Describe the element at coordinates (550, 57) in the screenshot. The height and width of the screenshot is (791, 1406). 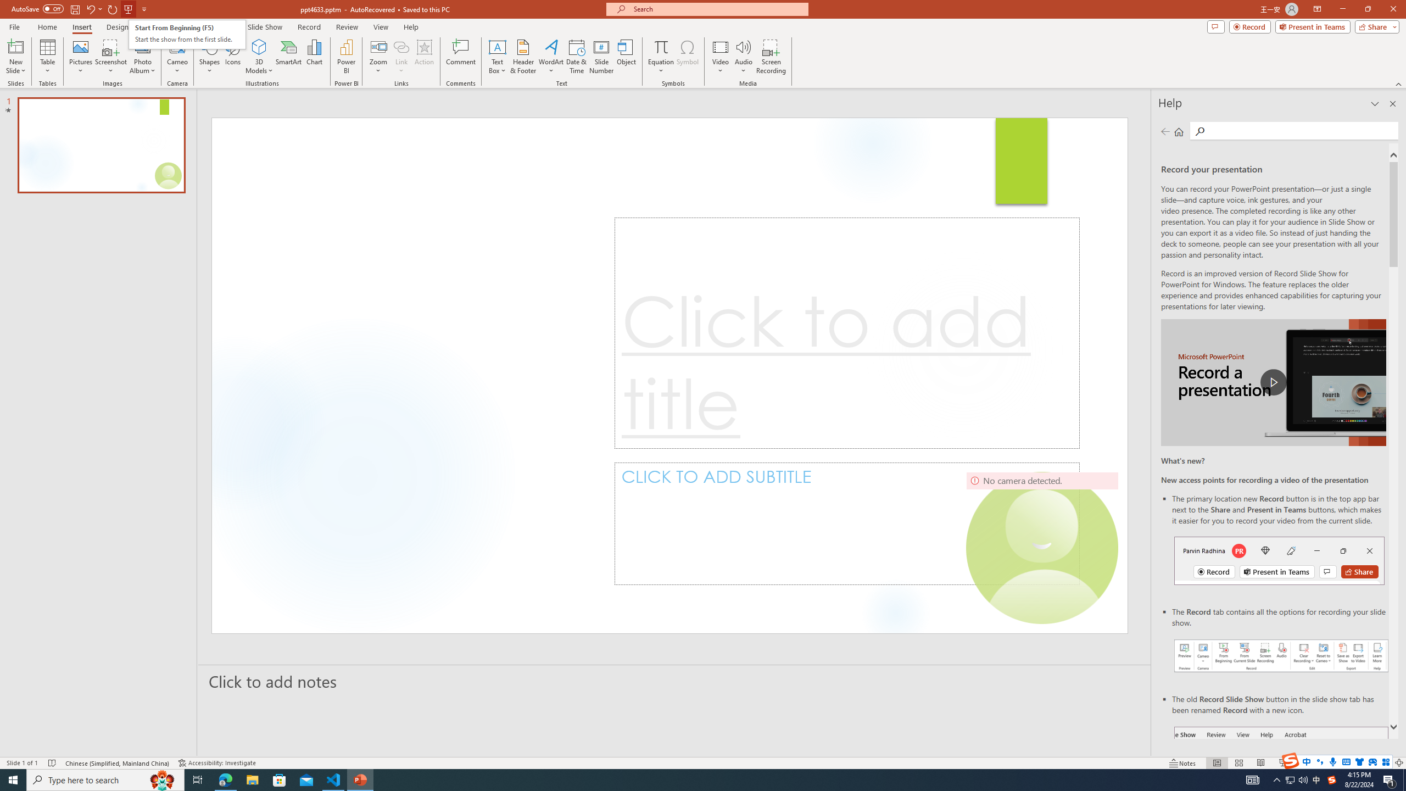
I see `'WordArt'` at that location.